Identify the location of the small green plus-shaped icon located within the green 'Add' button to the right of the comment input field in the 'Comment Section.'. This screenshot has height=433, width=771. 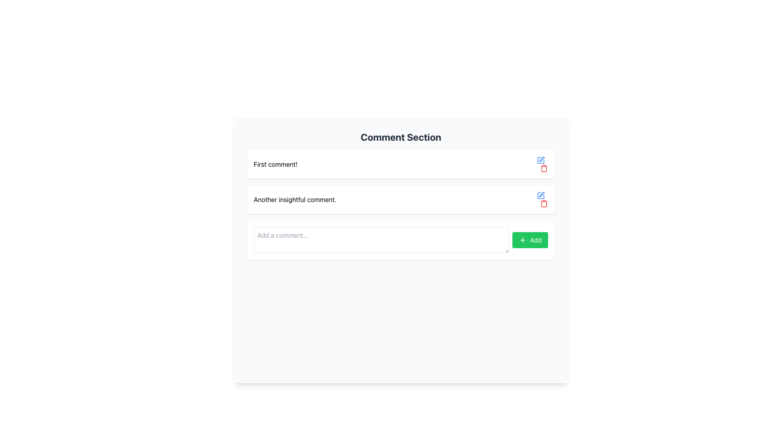
(522, 239).